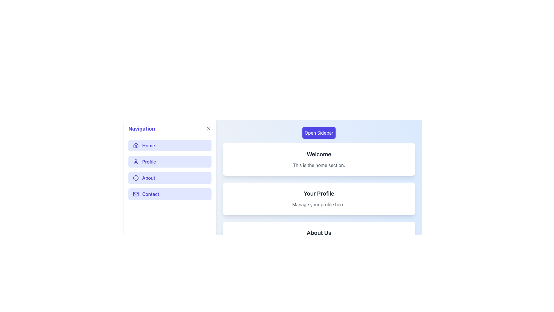 This screenshot has width=554, height=312. Describe the element at coordinates (135, 161) in the screenshot. I see `the user profile icon located to the left of the 'Profile' label in the navigation menu` at that location.